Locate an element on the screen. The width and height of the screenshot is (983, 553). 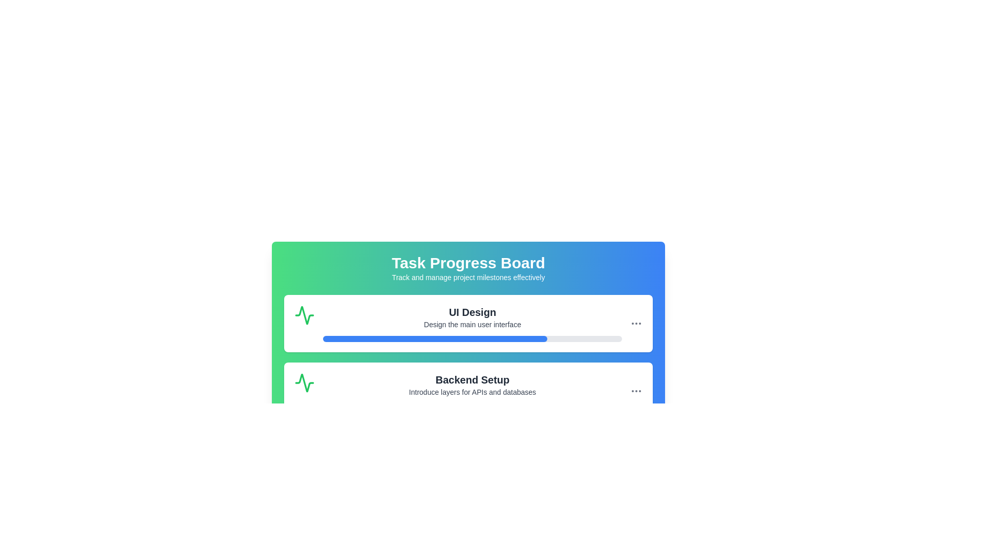
the text element displaying 'Design the main user interface' which is located below the title 'UI Design' and above the progress bar is located at coordinates (472, 324).